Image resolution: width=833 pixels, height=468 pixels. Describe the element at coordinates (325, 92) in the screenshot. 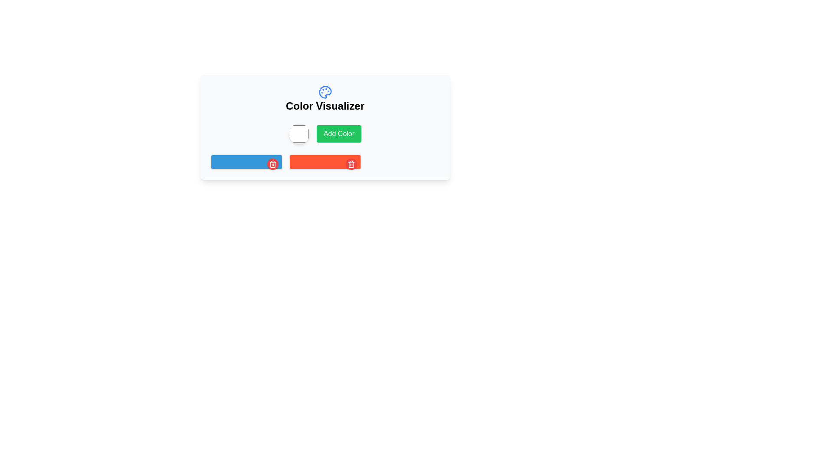

I see `the SVG graphic element that represents a palette visual cue, located at the center-top of the interface` at that location.